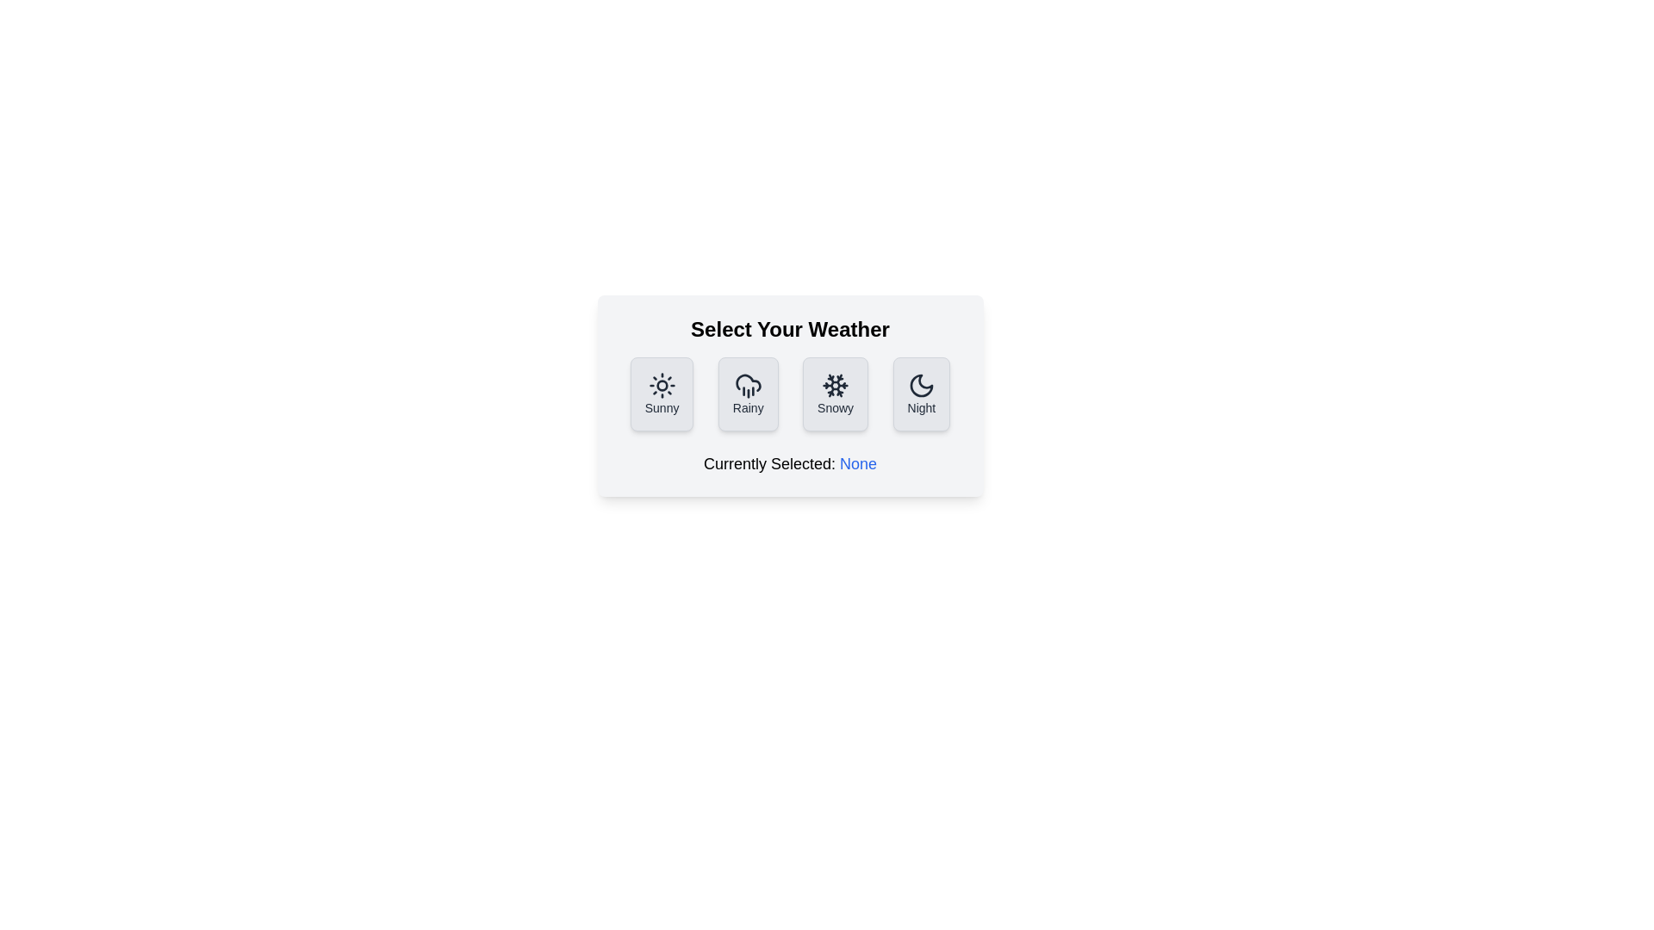  What do you see at coordinates (836, 384) in the screenshot?
I see `the snowflake icon representing the 'Snowy' weather option` at bounding box center [836, 384].